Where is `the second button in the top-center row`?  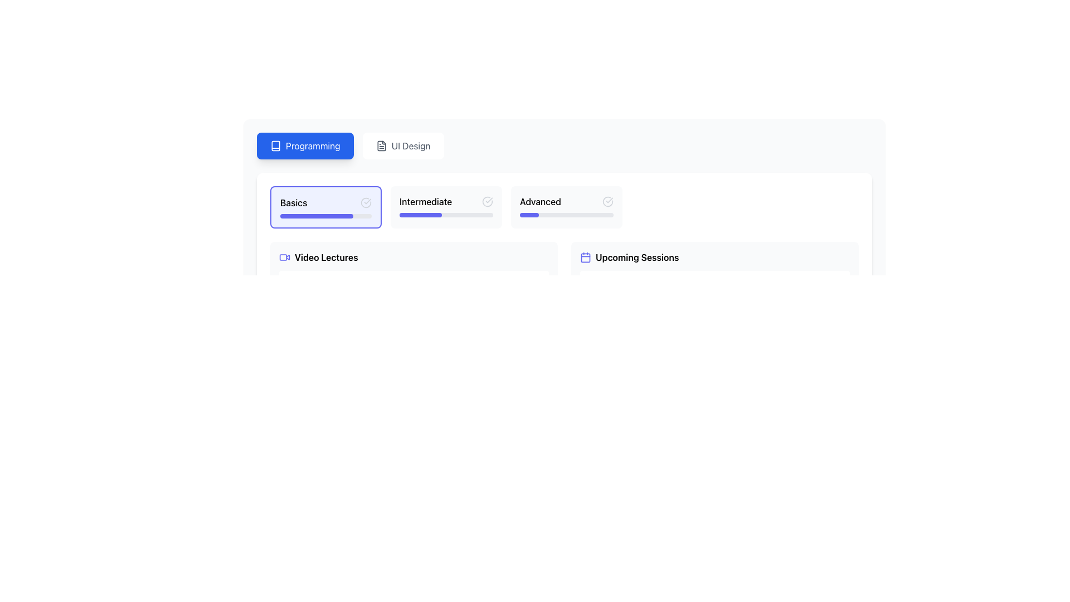 the second button in the top-center row is located at coordinates (402, 145).